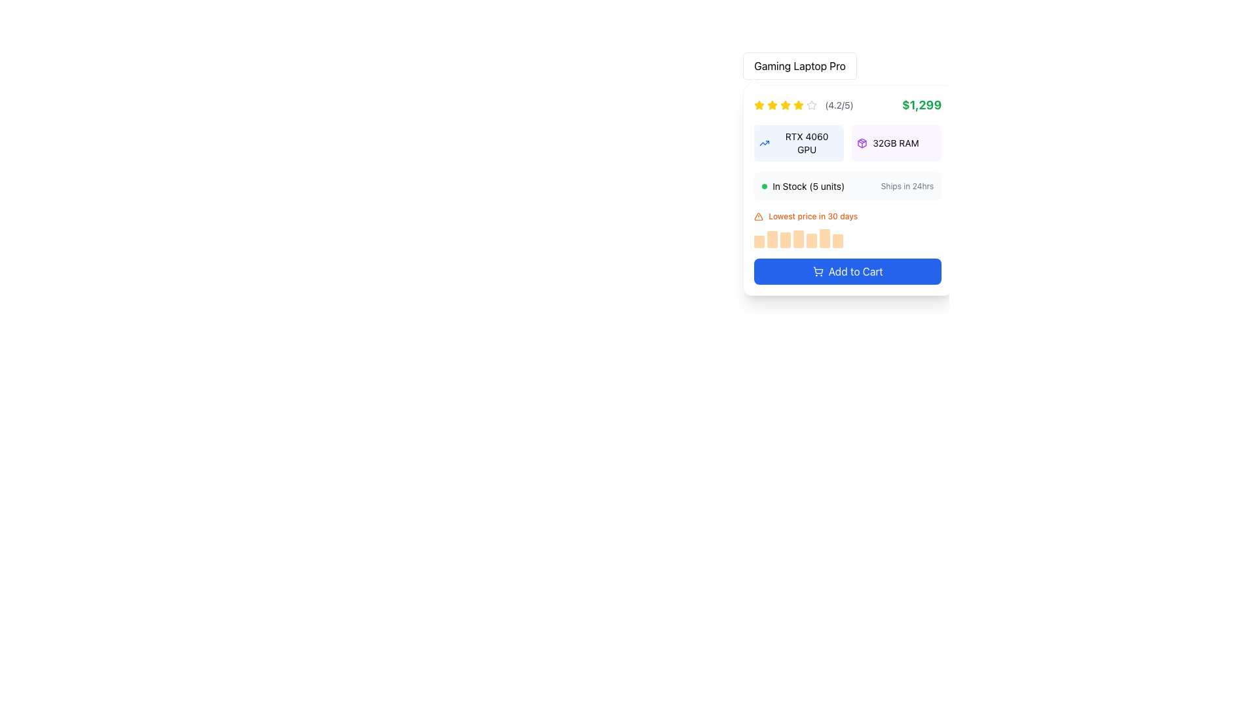  Describe the element at coordinates (862, 143) in the screenshot. I see `the purple package box icon located next to the text '32GB RAM', which is the first item in the horizontally aligned block` at that location.